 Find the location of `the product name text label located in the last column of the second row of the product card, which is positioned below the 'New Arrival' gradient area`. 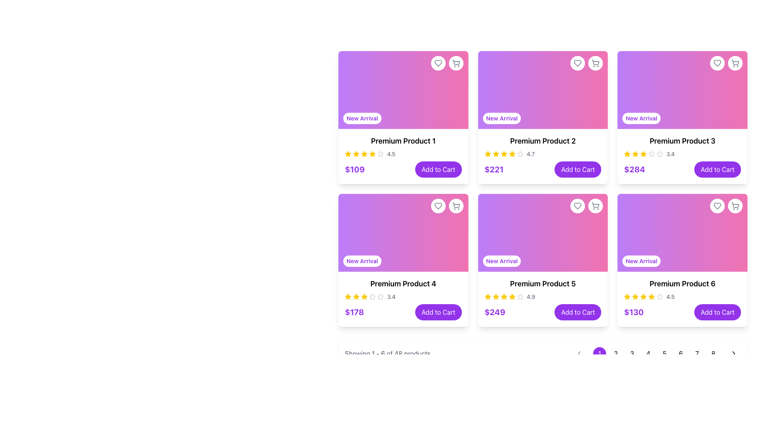

the product name text label located in the last column of the second row of the product card, which is positioned below the 'New Arrival' gradient area is located at coordinates (682, 283).